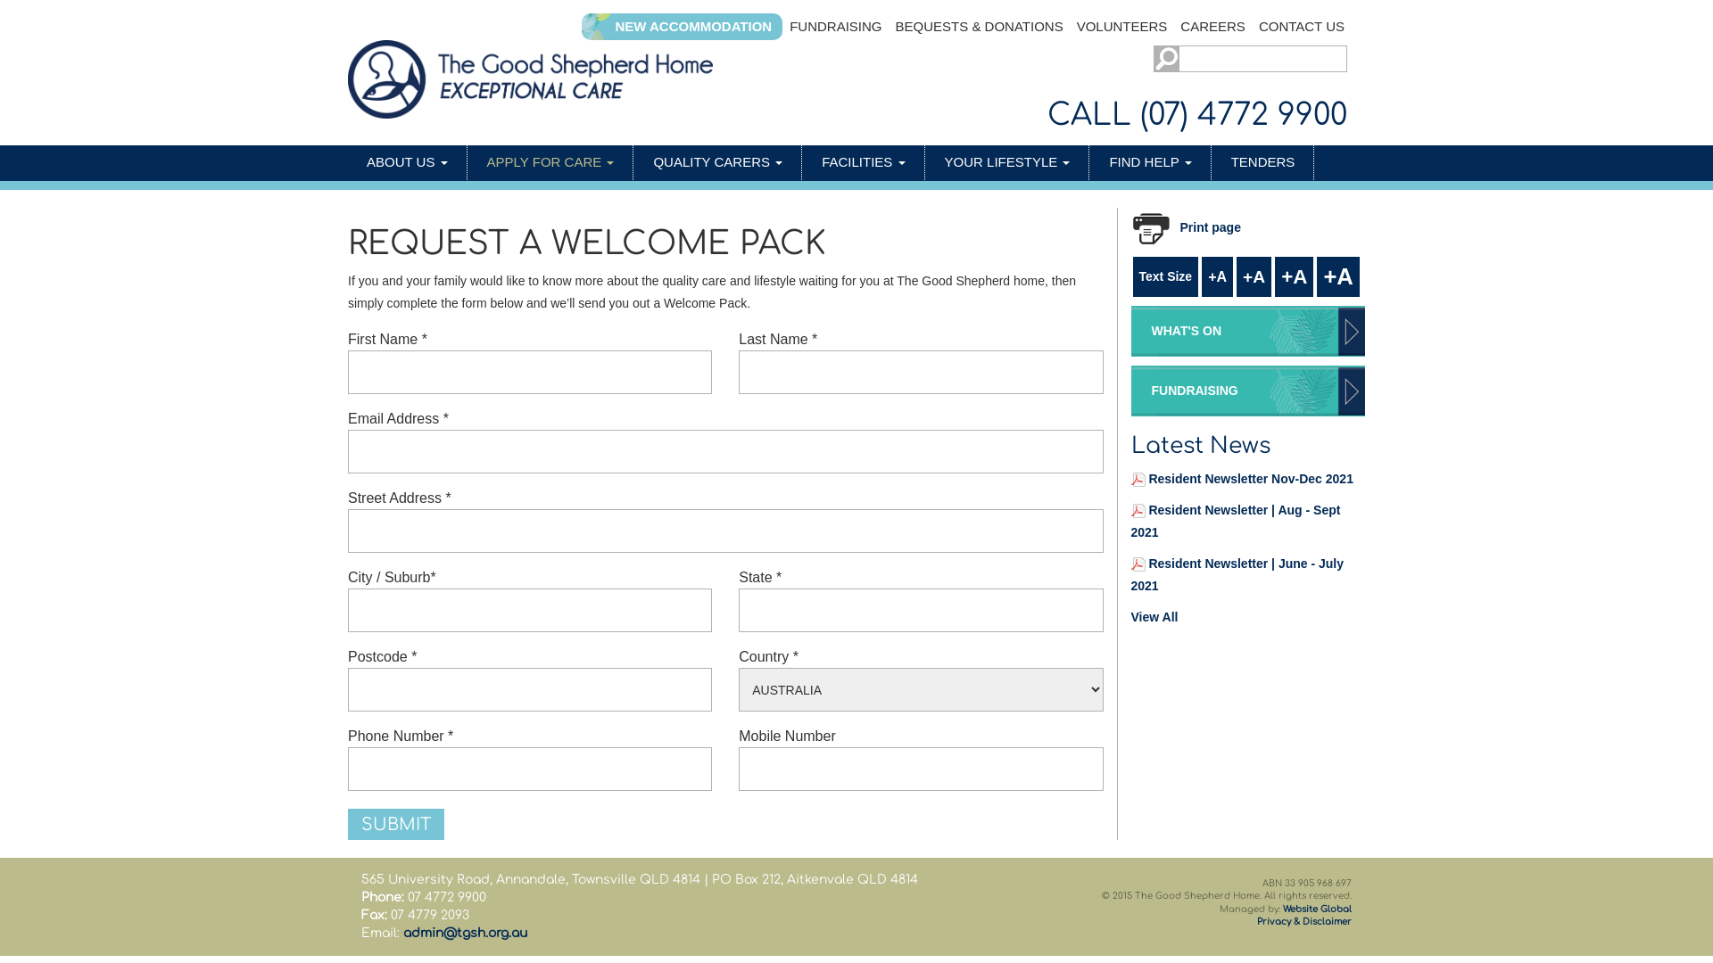  Describe the element at coordinates (1247, 331) in the screenshot. I see `'WHAT'S ON'` at that location.